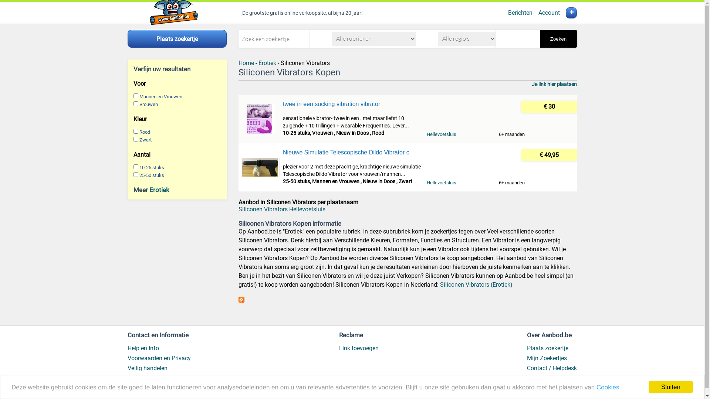  Describe the element at coordinates (540, 38) in the screenshot. I see `'Zoeken'` at that location.